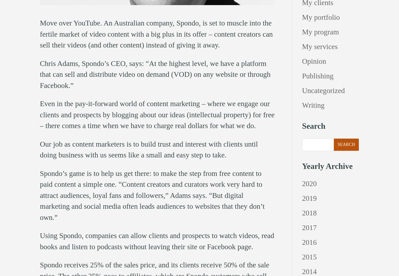 The height and width of the screenshot is (276, 399). Describe the element at coordinates (309, 271) in the screenshot. I see `'2014'` at that location.